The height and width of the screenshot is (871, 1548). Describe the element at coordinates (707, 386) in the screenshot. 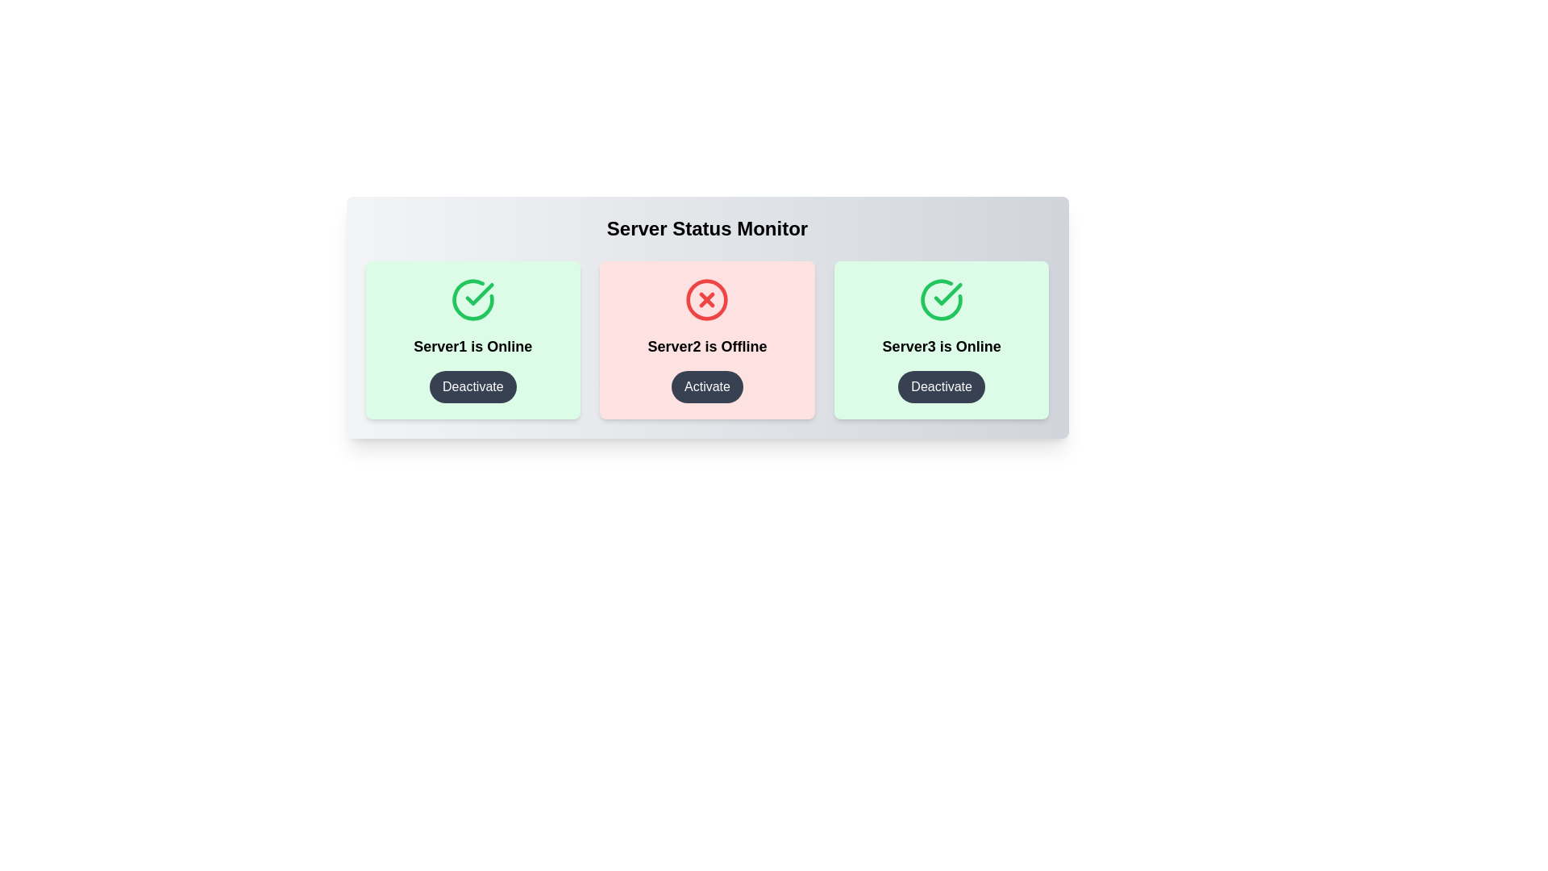

I see `the action button for Server2 to toggle its state` at that location.